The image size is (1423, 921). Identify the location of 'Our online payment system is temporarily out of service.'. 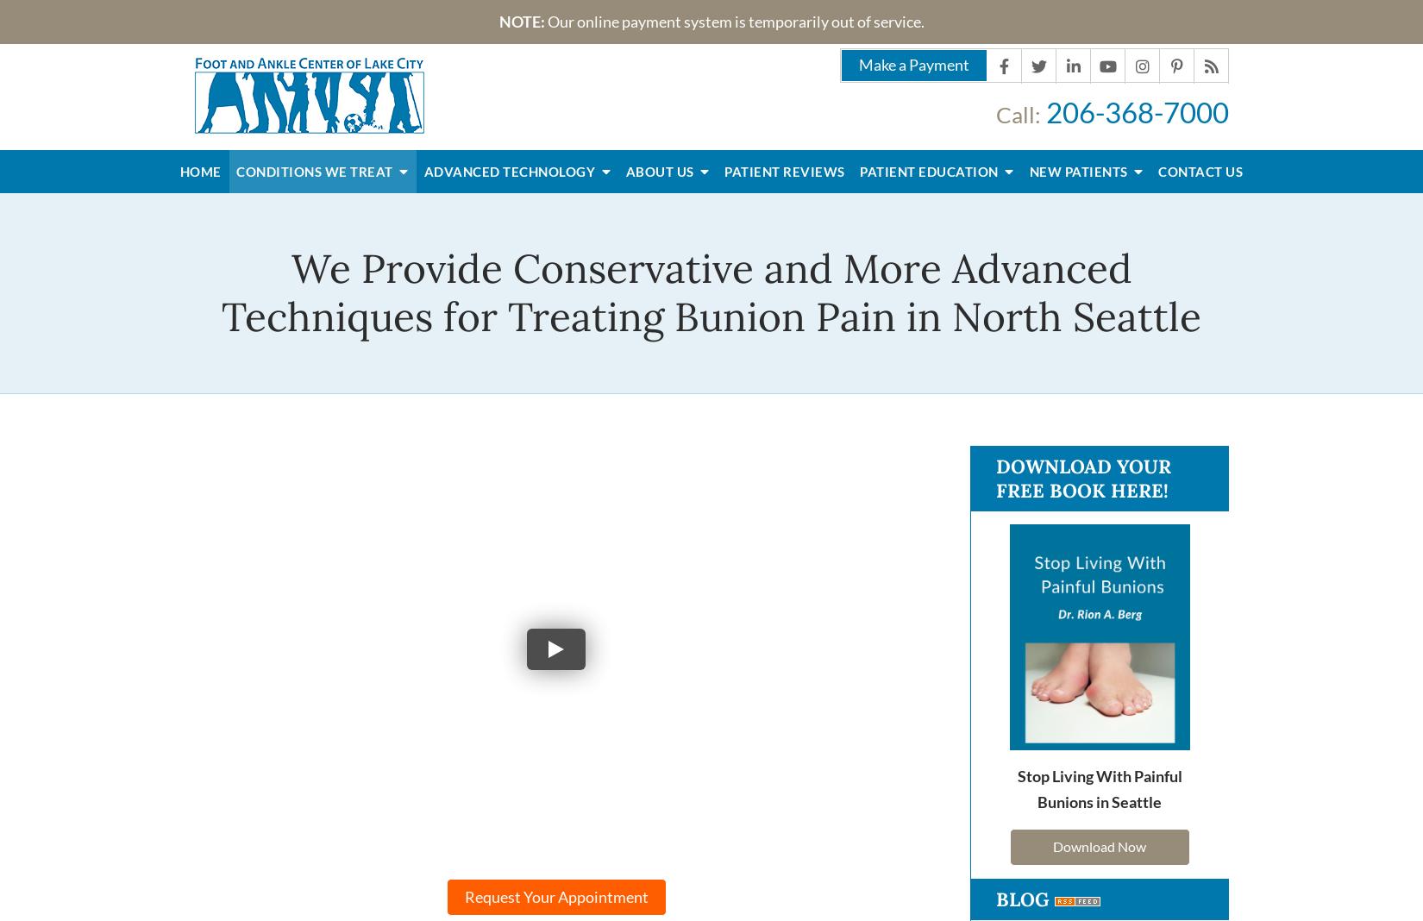
(734, 20).